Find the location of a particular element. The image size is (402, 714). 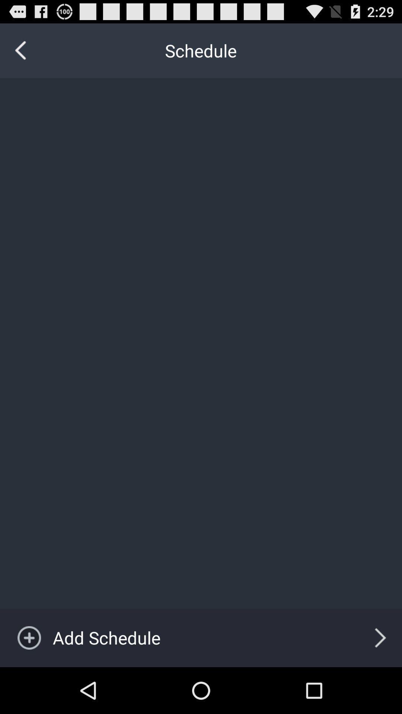

the icon to the left of the schedule icon is located at coordinates (20, 50).